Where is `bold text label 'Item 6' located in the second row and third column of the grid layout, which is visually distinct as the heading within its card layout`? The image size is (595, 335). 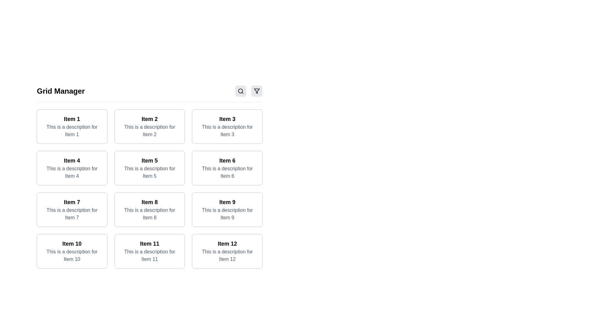
bold text label 'Item 6' located in the second row and third column of the grid layout, which is visually distinct as the heading within its card layout is located at coordinates (227, 160).